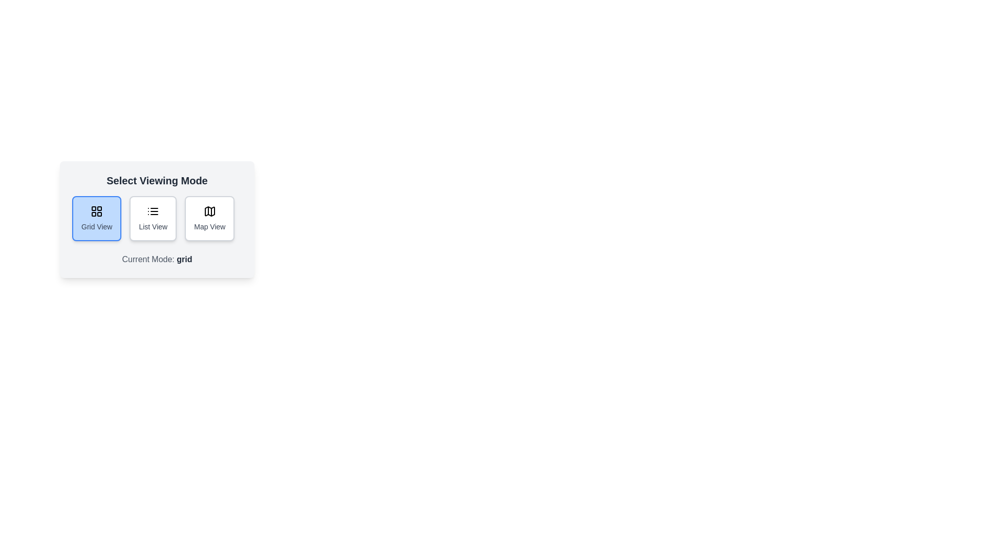 The image size is (983, 553). Describe the element at coordinates (96, 218) in the screenshot. I see `the viewing mode by clicking on the respective button for Grid View` at that location.